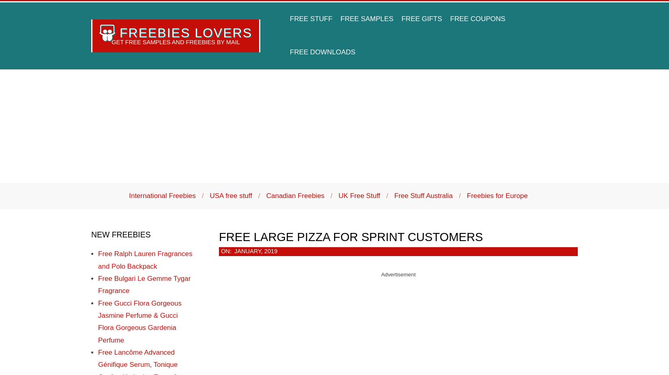  Describe the element at coordinates (98, 260) in the screenshot. I see `'Free Ralph Lauren Fragrances and Polo Backpack'` at that location.